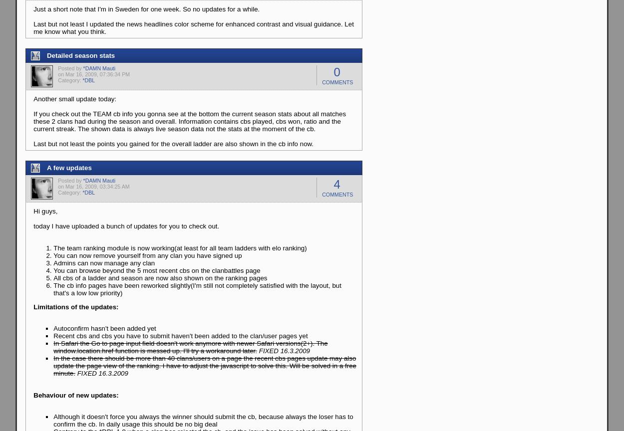 This screenshot has height=431, width=624. What do you see at coordinates (53, 277) in the screenshot?
I see `'All cbs of a ladder and season are now also shown on the ranking pages'` at bounding box center [53, 277].